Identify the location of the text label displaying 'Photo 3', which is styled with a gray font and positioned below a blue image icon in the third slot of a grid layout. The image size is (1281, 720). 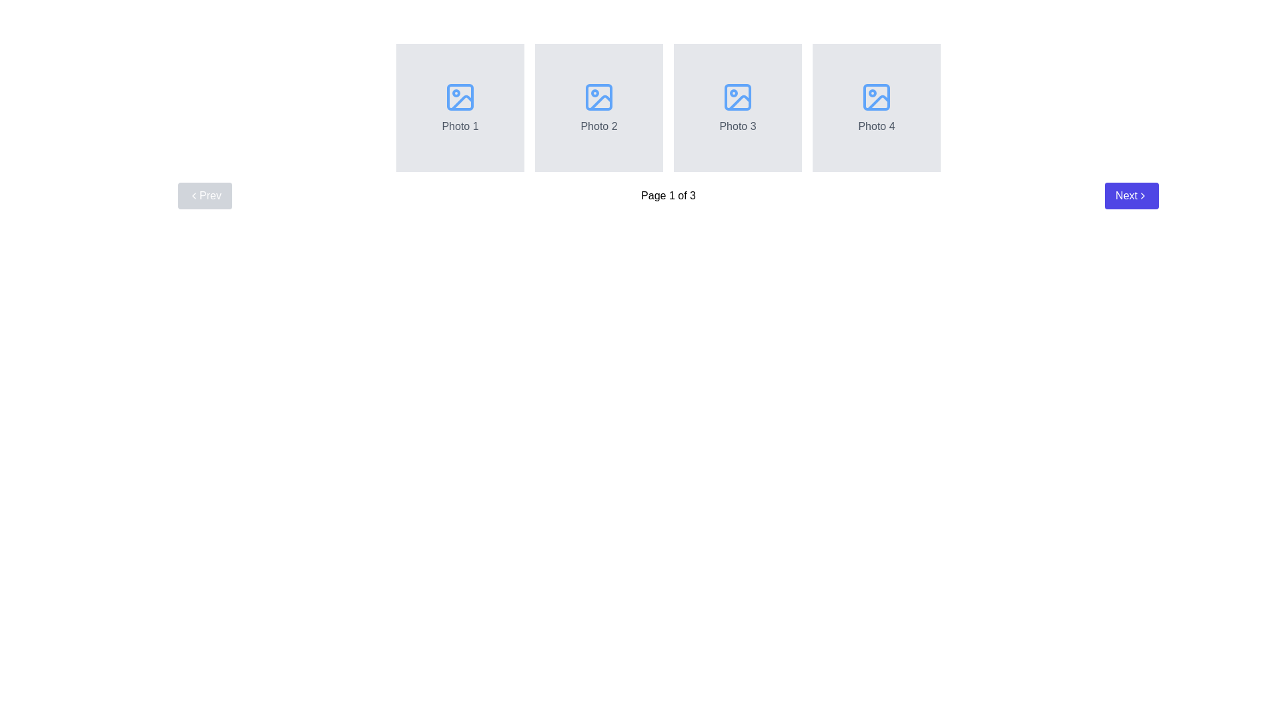
(737, 126).